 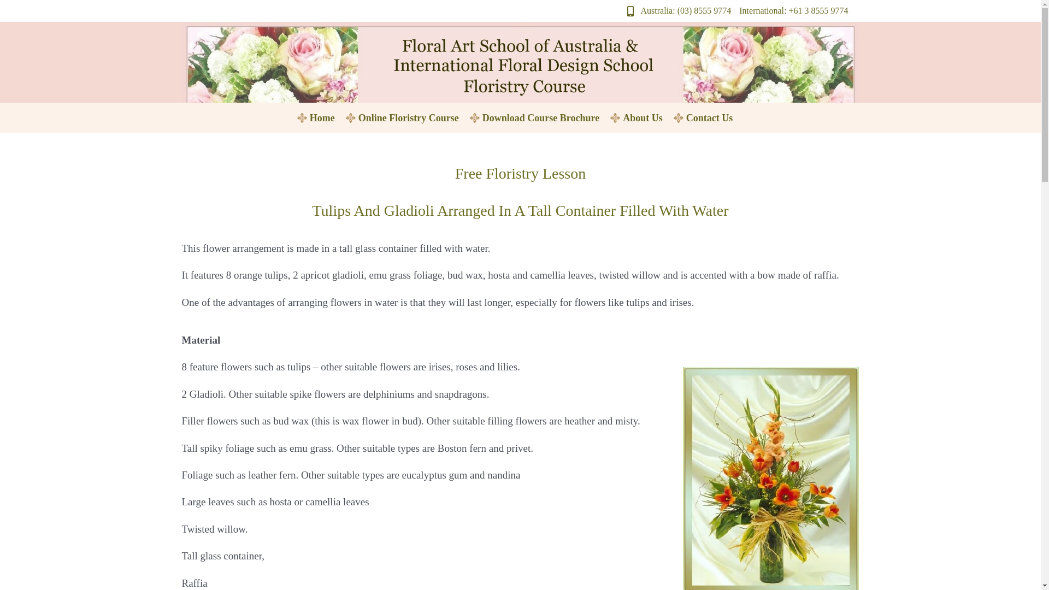 I want to click on 'Download Course Brochure', so click(x=540, y=118).